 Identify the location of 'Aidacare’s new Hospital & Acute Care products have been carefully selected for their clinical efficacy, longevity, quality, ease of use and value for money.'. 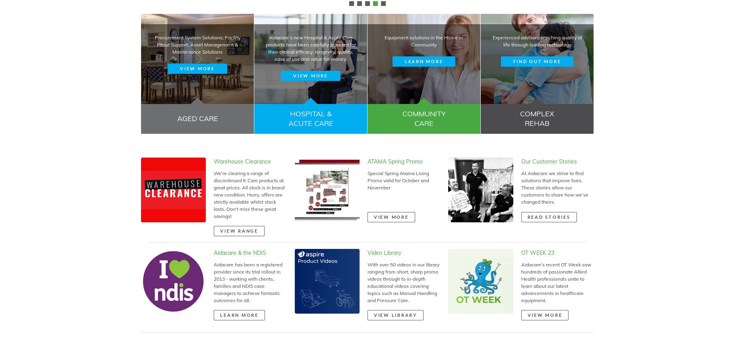
(310, 157).